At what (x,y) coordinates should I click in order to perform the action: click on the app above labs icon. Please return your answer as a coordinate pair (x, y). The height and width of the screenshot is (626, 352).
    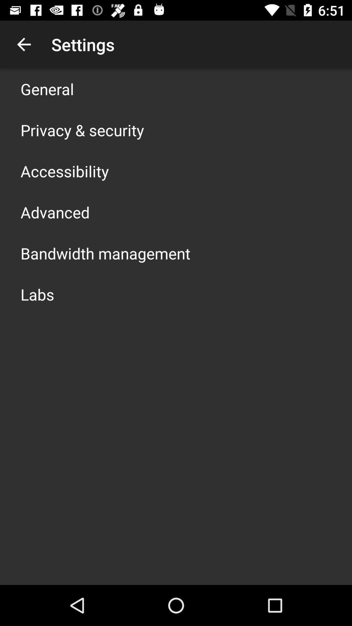
    Looking at the image, I should click on (105, 253).